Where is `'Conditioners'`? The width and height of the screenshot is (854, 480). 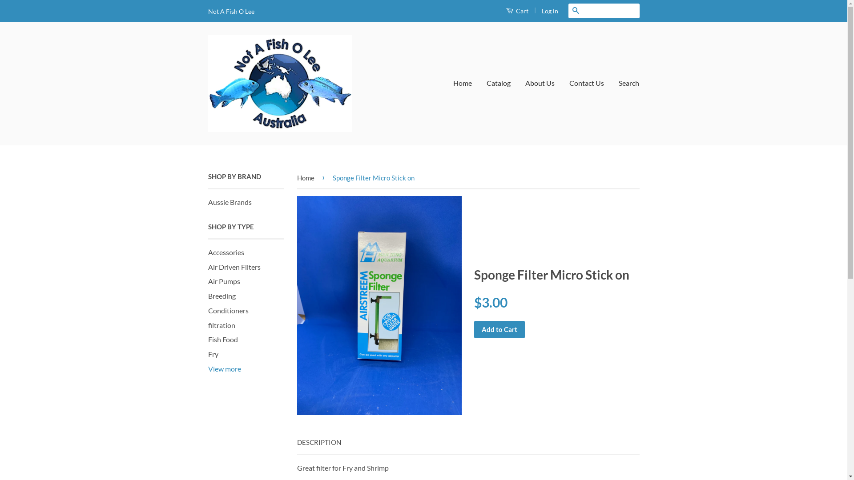 'Conditioners' is located at coordinates (228, 310).